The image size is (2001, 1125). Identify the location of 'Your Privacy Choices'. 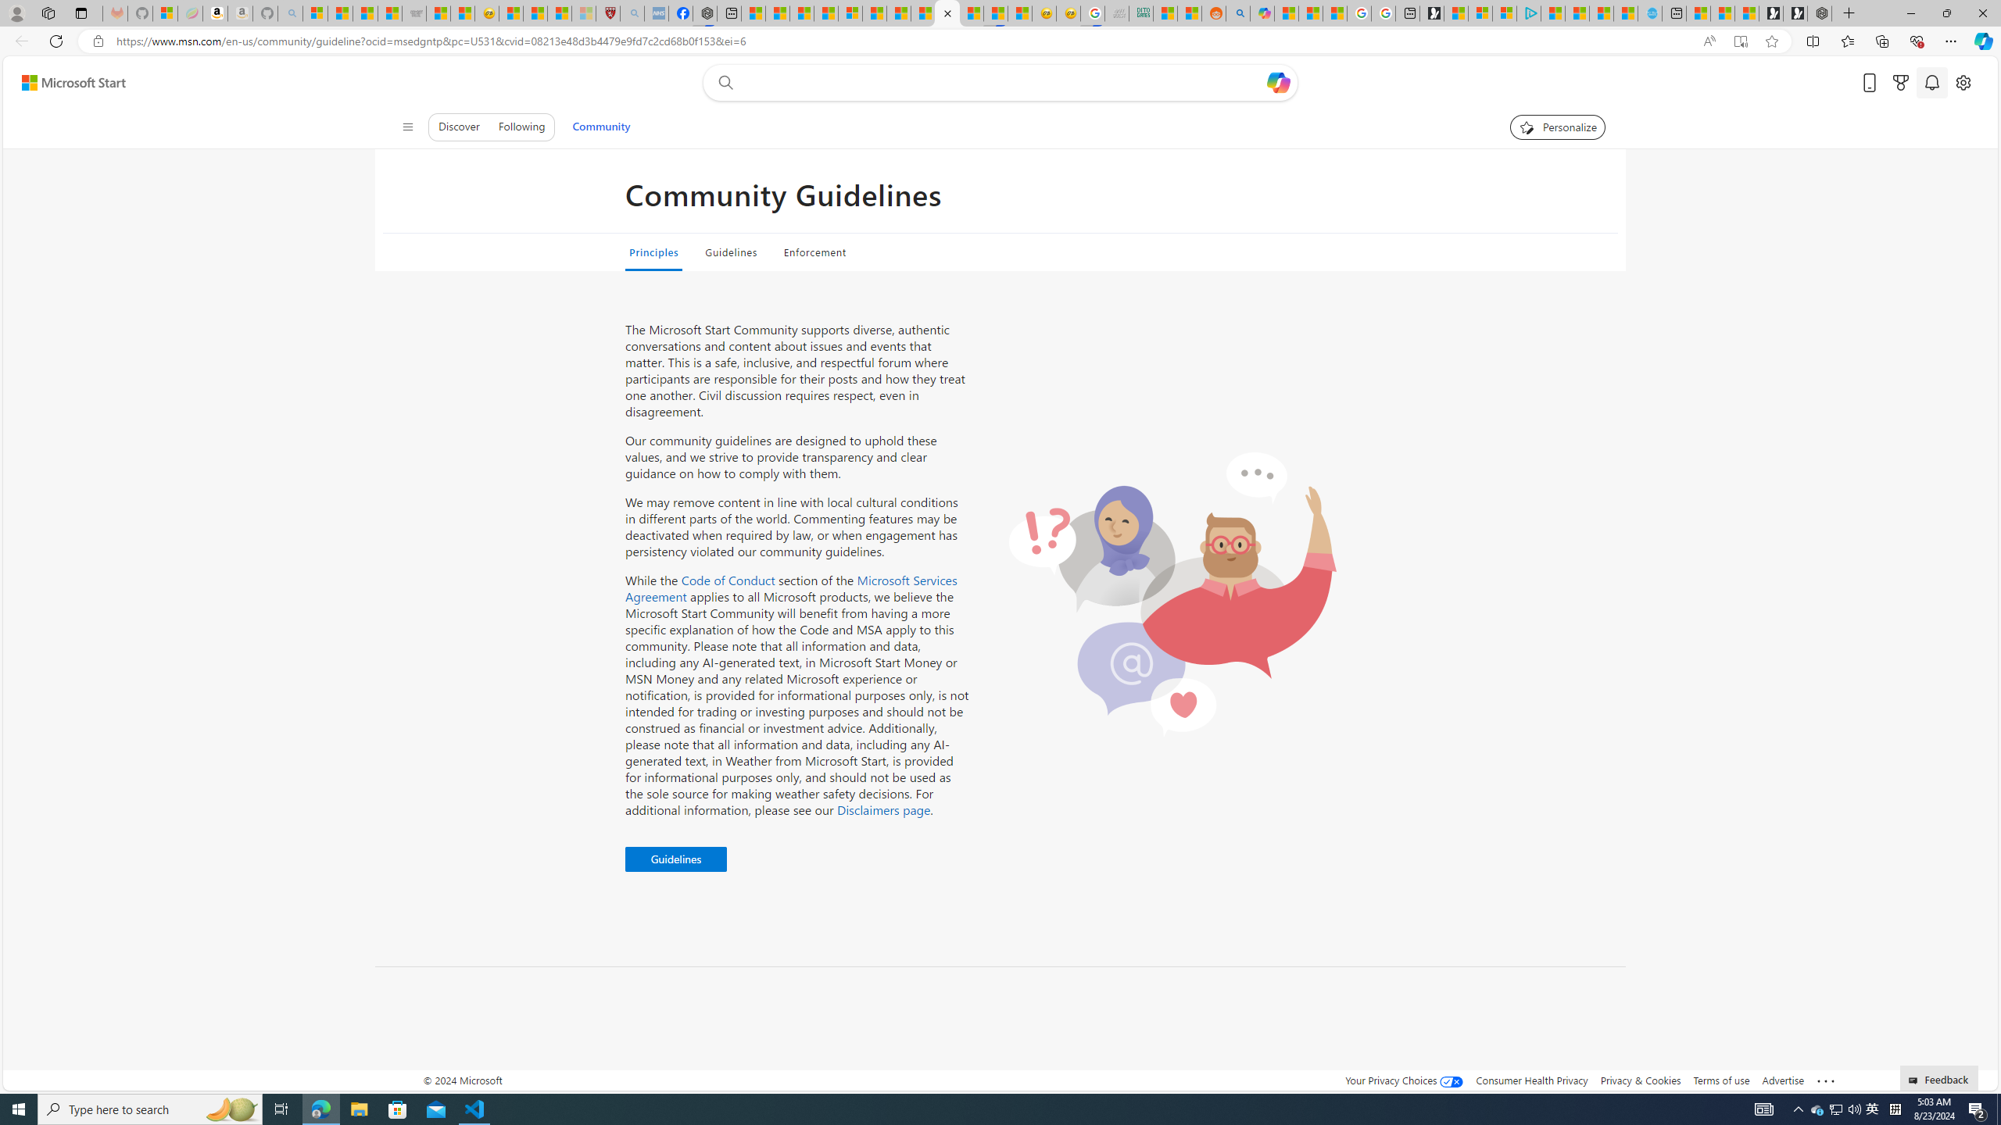
(1405, 1080).